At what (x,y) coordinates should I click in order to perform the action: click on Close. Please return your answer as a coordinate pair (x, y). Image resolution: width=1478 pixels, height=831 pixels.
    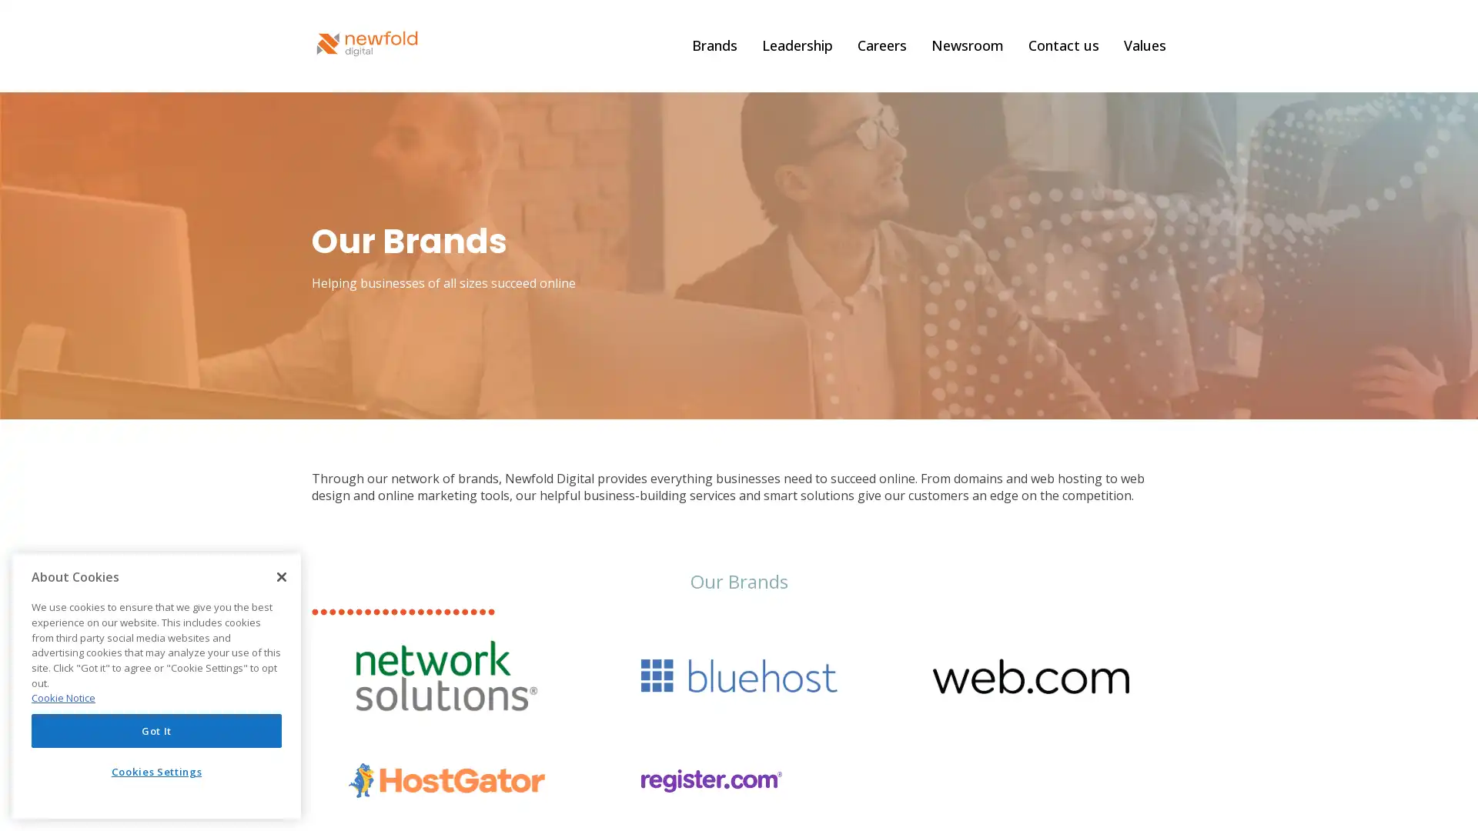
    Looking at the image, I should click on (281, 576).